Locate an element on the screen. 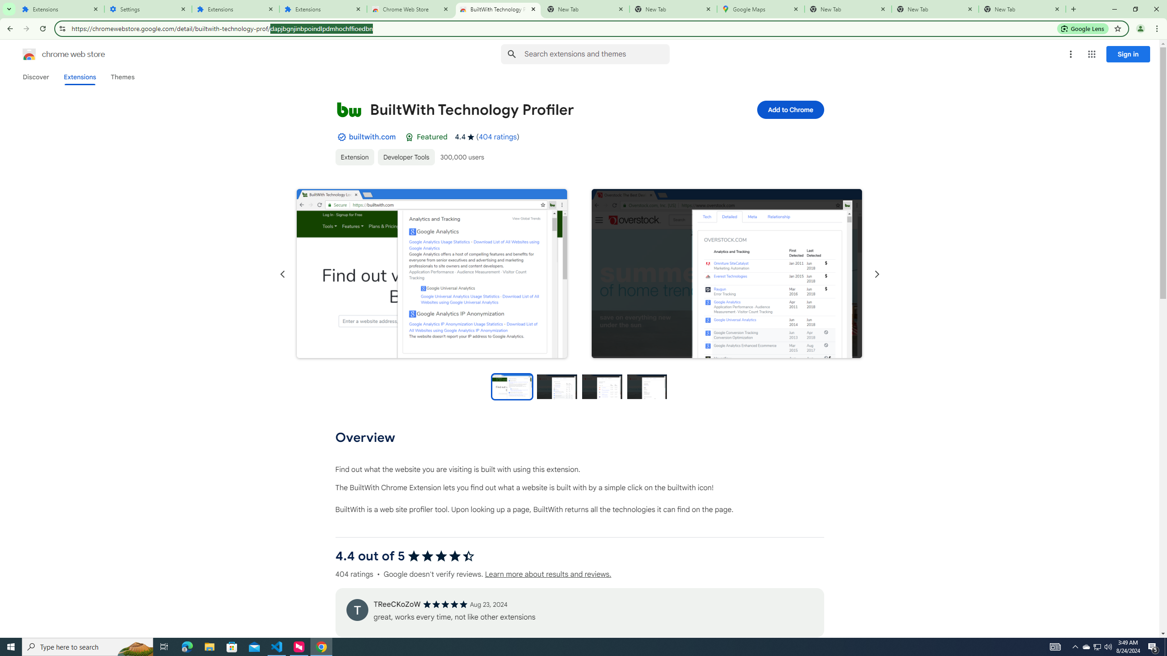  'Chrome Web Store logo' is located at coordinates (29, 54).